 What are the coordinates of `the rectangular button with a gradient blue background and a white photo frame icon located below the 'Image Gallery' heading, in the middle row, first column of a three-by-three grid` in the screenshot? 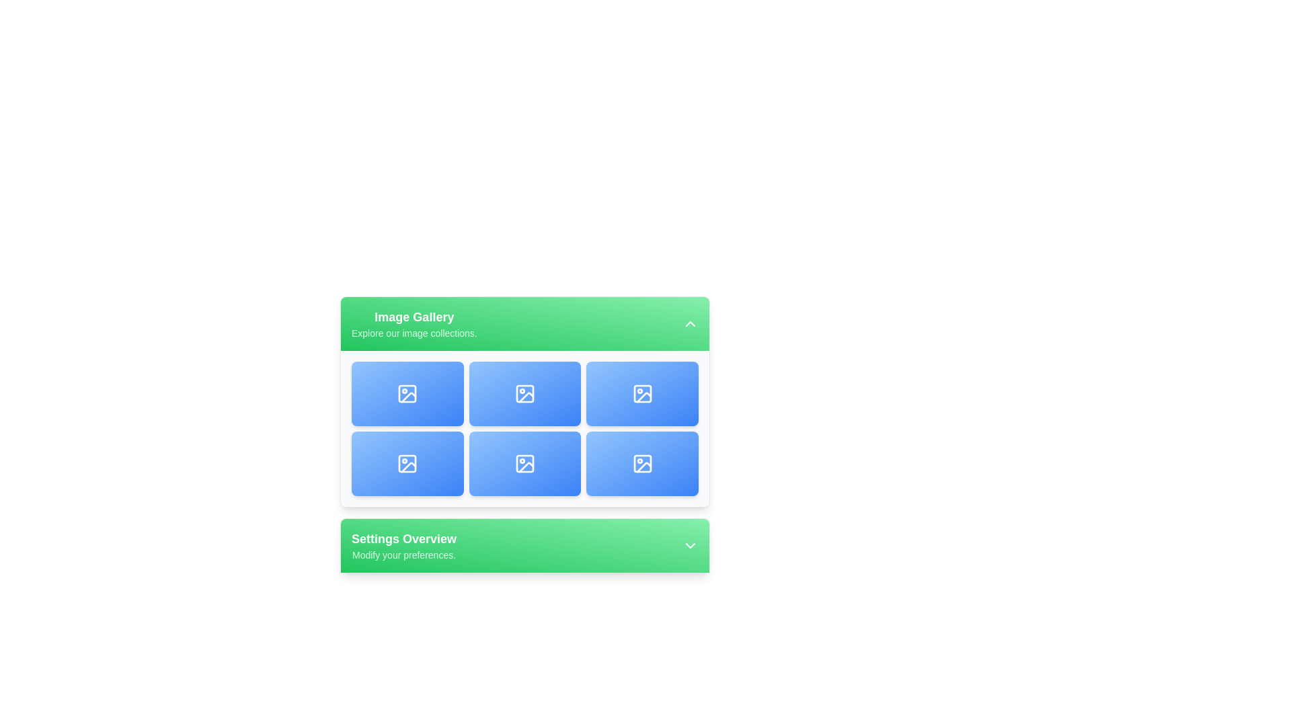 It's located at (407, 463).